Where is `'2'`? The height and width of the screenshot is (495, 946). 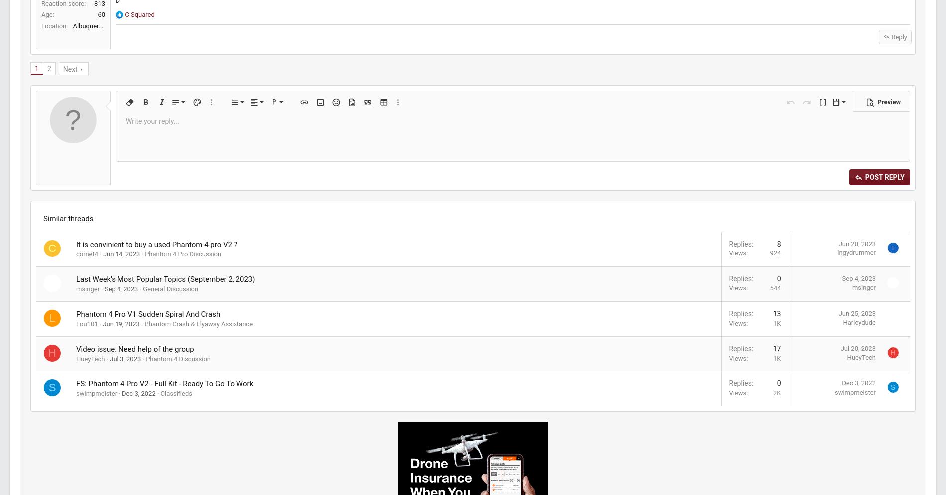
'2' is located at coordinates (72, 138).